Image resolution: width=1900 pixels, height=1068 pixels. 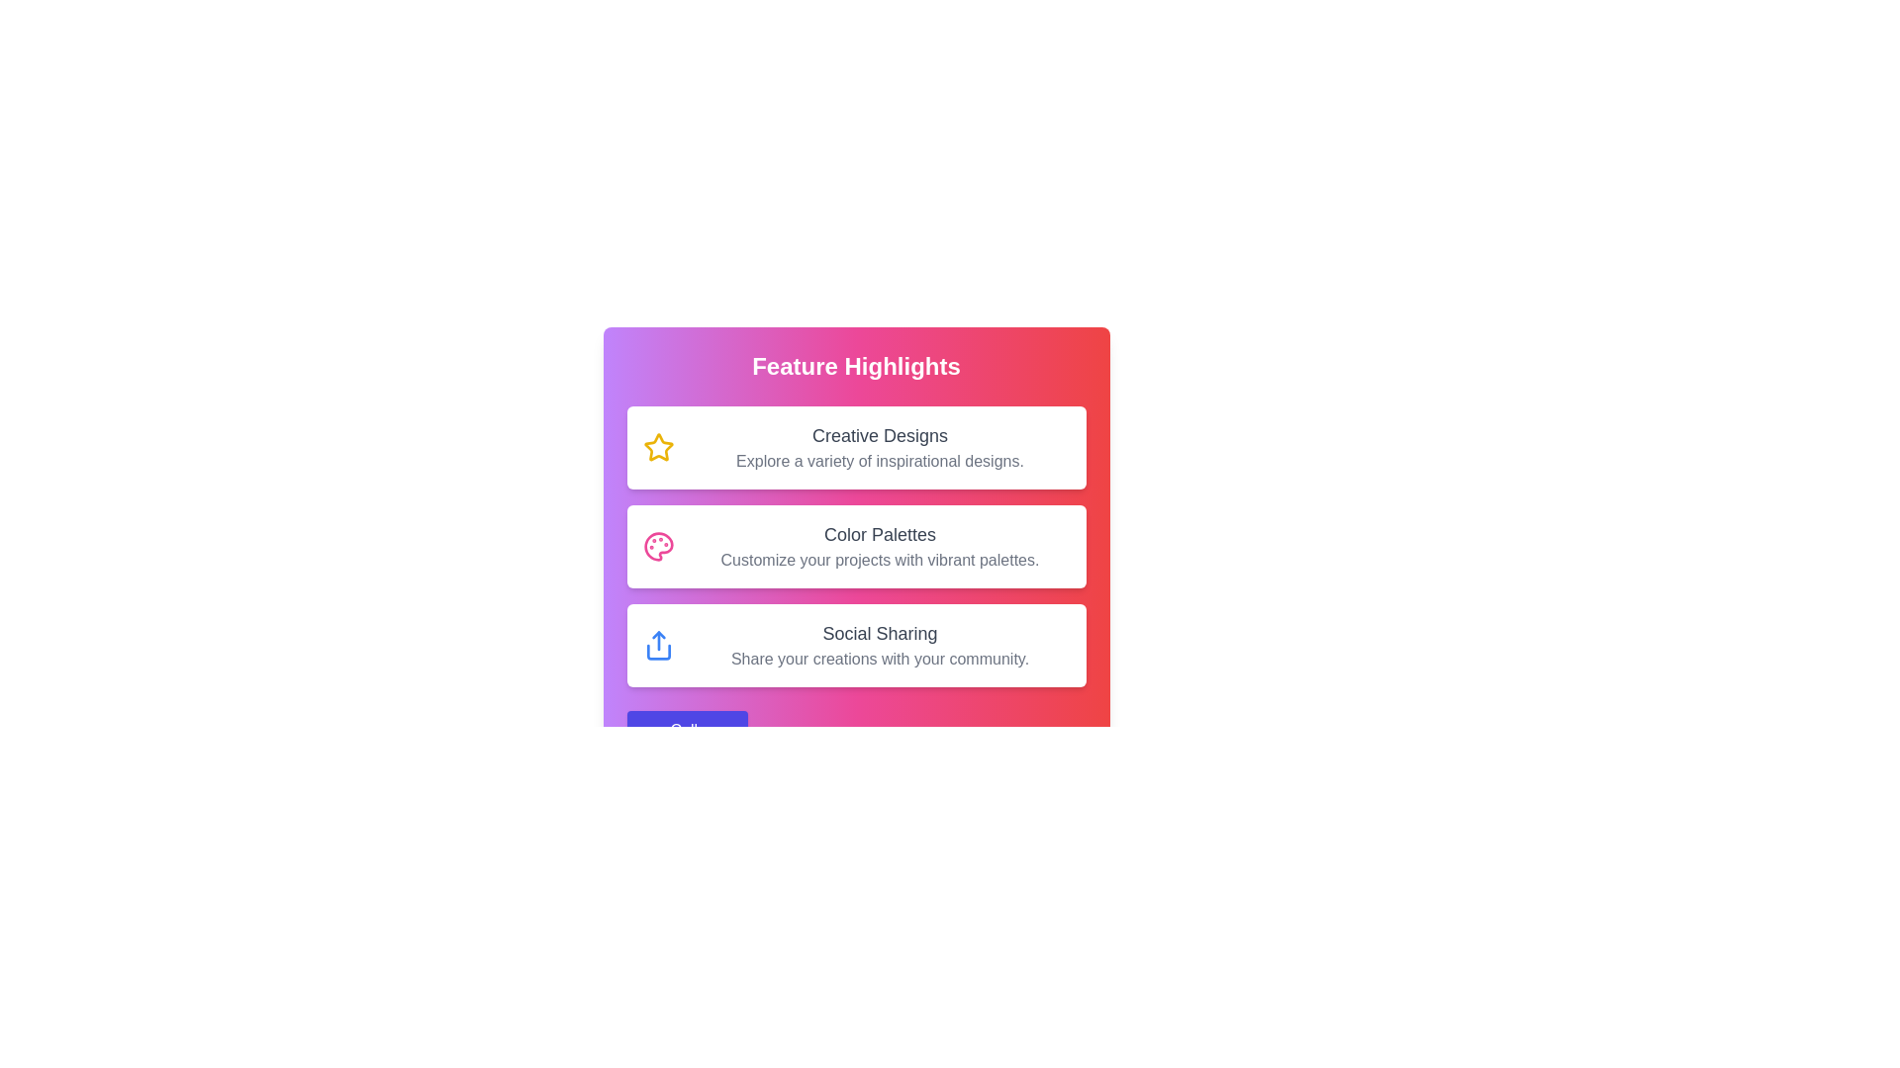 What do you see at coordinates (856, 645) in the screenshot?
I see `displayed text on the 'Social Sharing' informational card, which is the third card in the vertical list under 'Feature Highlights.'` at bounding box center [856, 645].